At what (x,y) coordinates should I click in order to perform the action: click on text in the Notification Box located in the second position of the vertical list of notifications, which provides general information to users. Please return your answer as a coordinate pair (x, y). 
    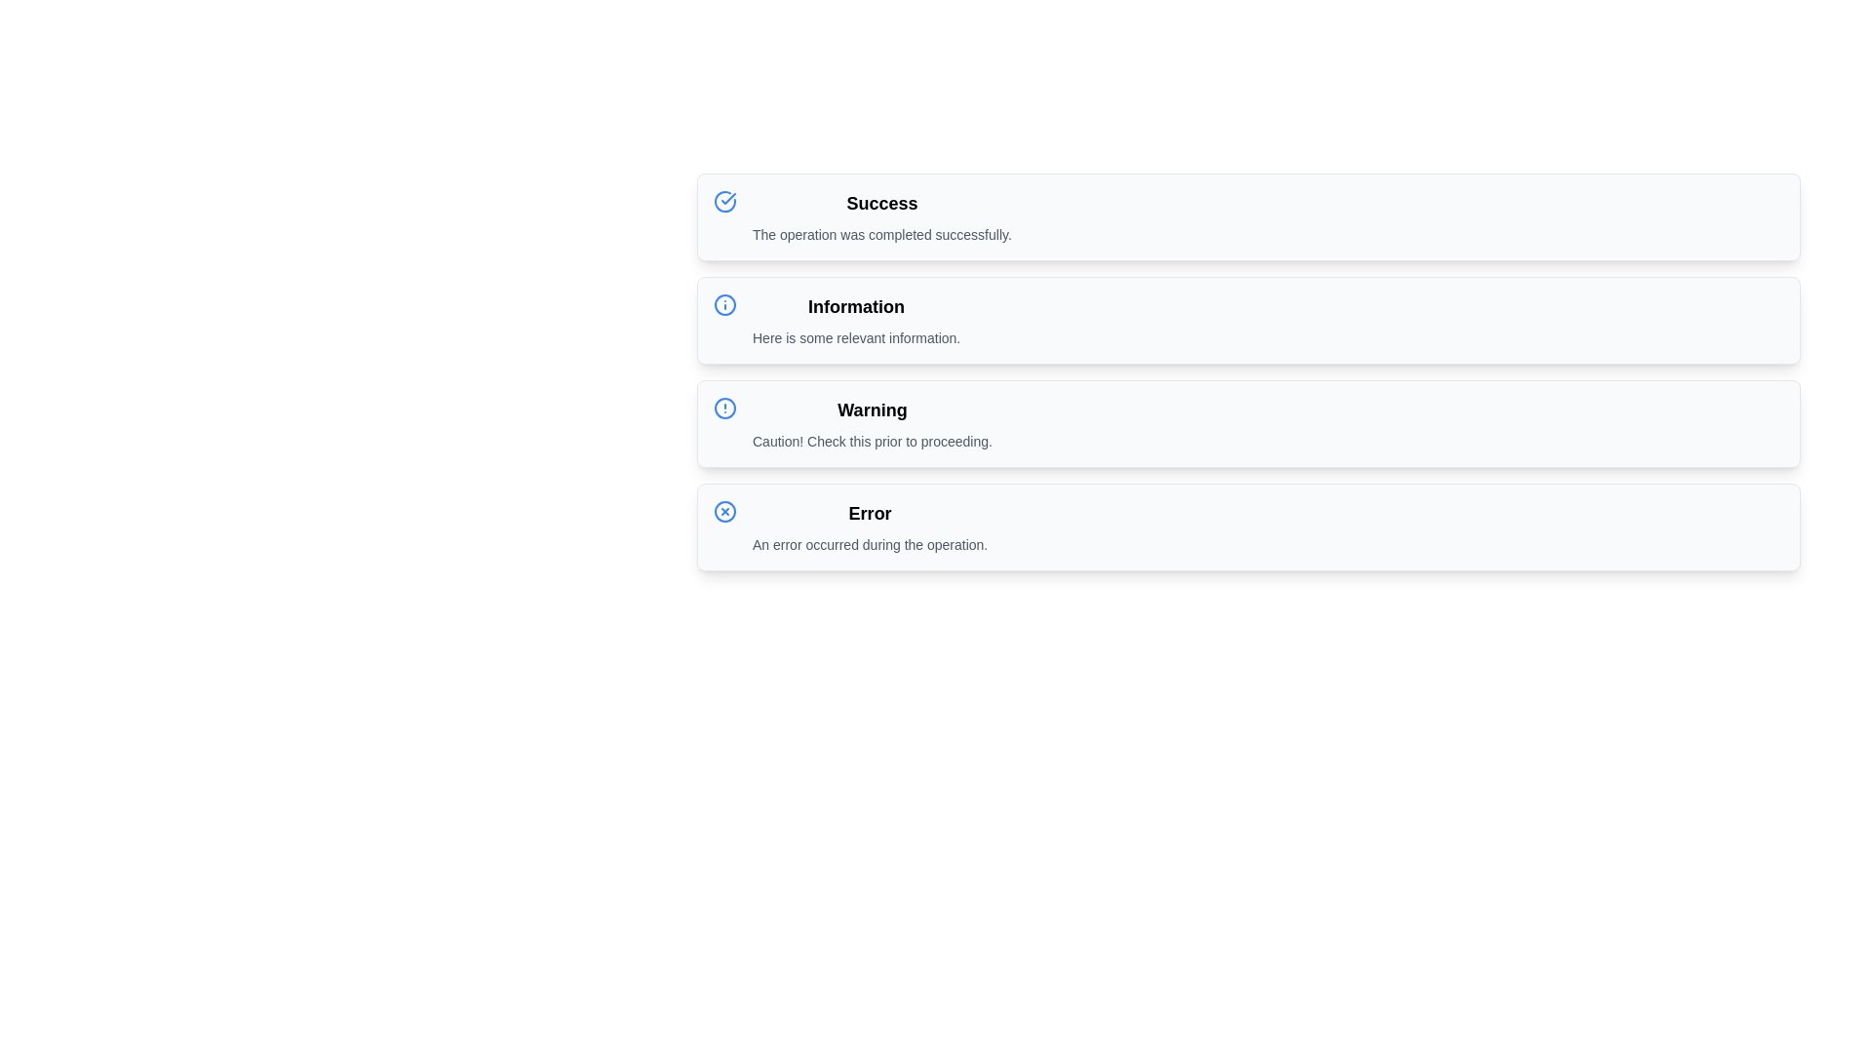
    Looking at the image, I should click on (856, 319).